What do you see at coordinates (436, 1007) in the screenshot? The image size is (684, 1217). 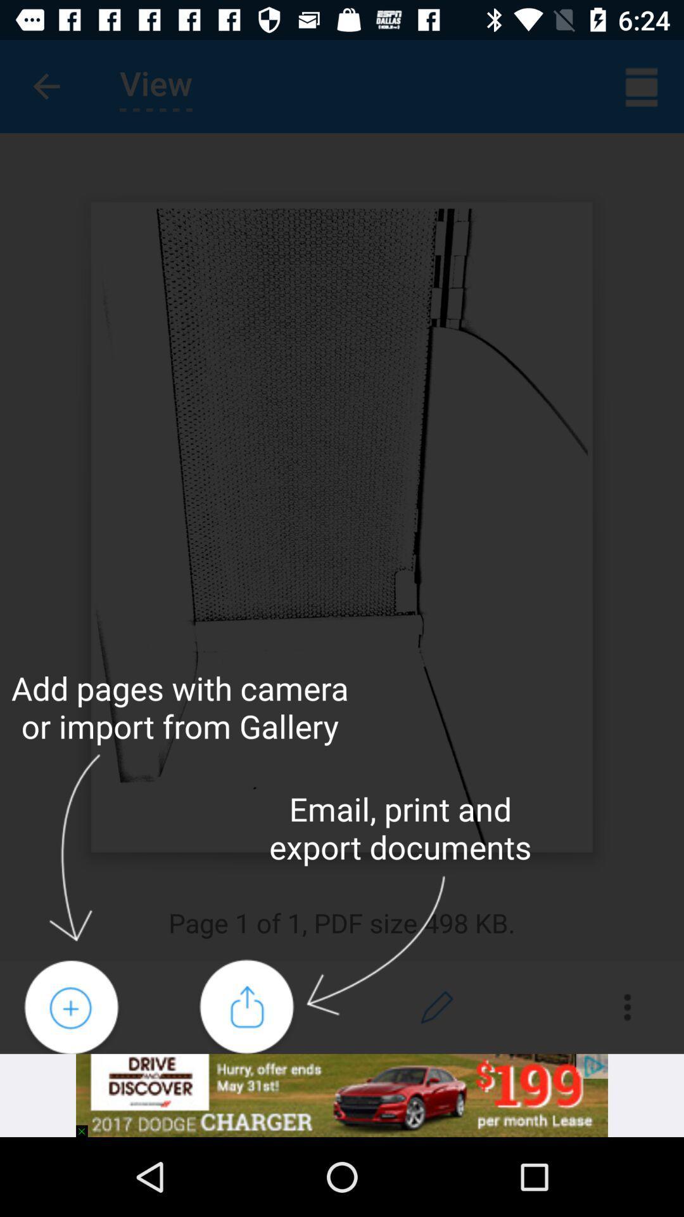 I see `the edit icon` at bounding box center [436, 1007].